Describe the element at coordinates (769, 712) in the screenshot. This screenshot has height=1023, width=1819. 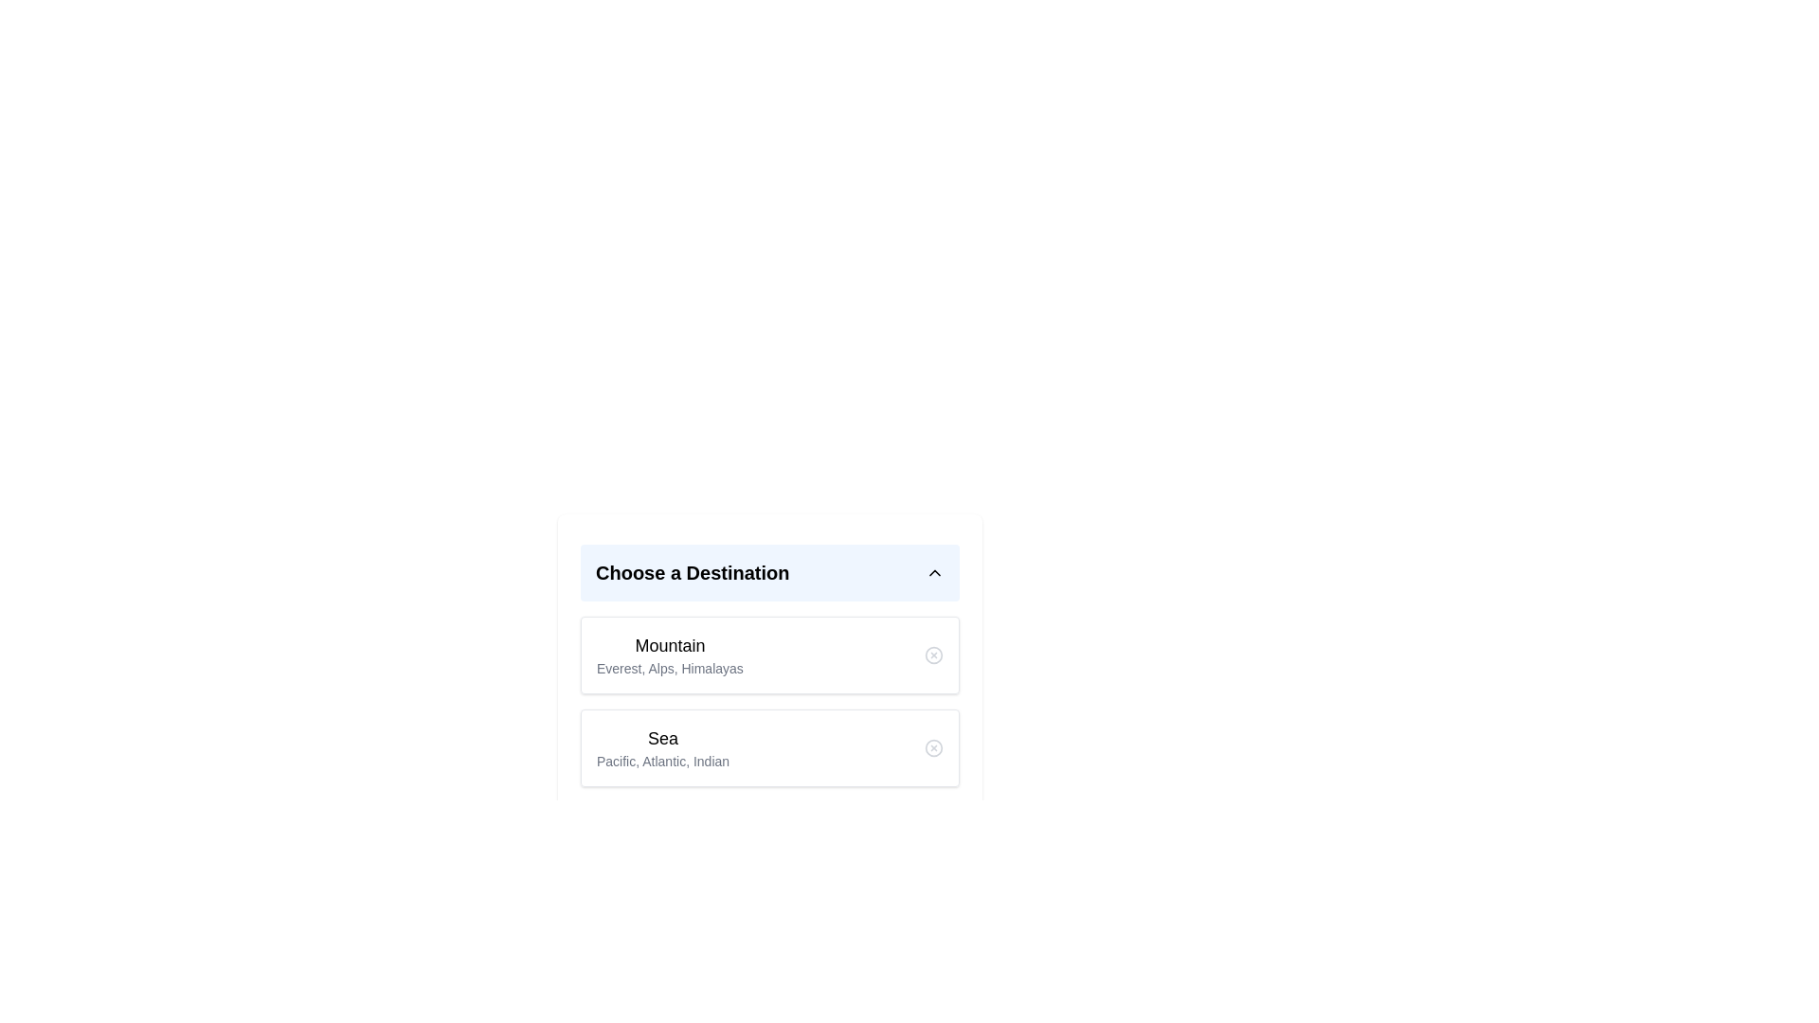
I see `the selectable list item for 'Sea' under the 'Choose a Destination' section` at that location.